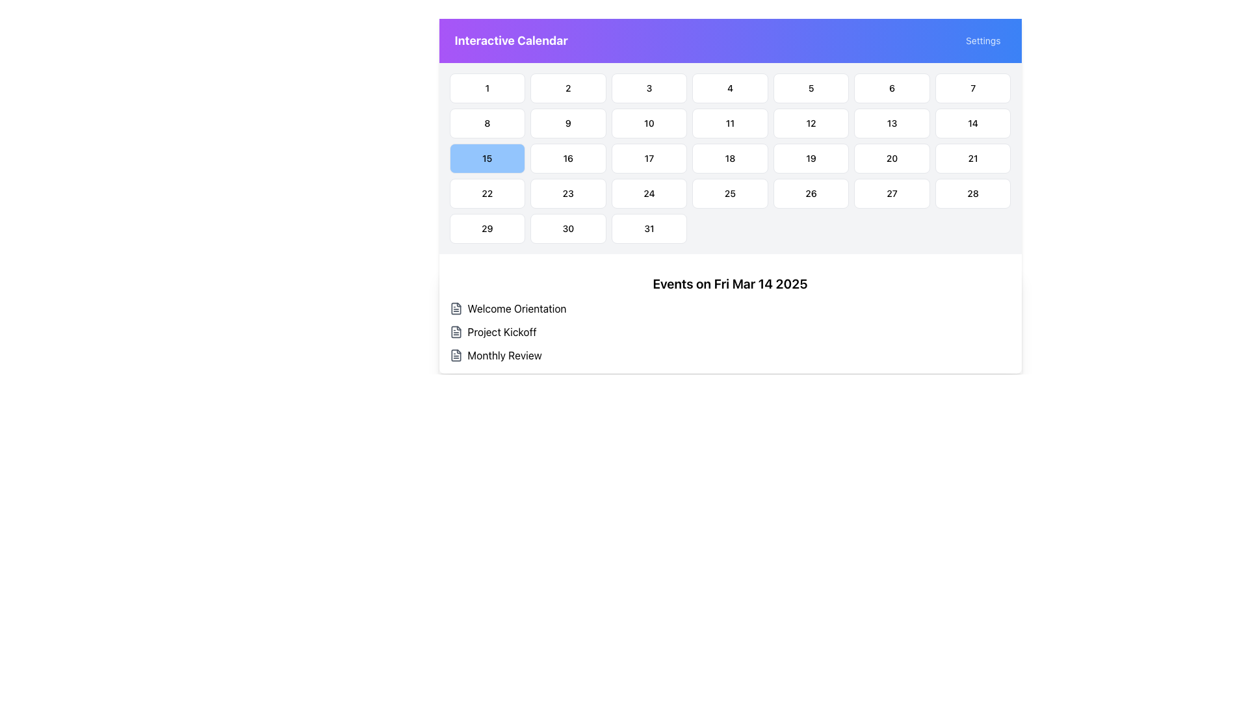 This screenshot has height=702, width=1248. What do you see at coordinates (811, 123) in the screenshot?
I see `the calendar cell representing day 12` at bounding box center [811, 123].